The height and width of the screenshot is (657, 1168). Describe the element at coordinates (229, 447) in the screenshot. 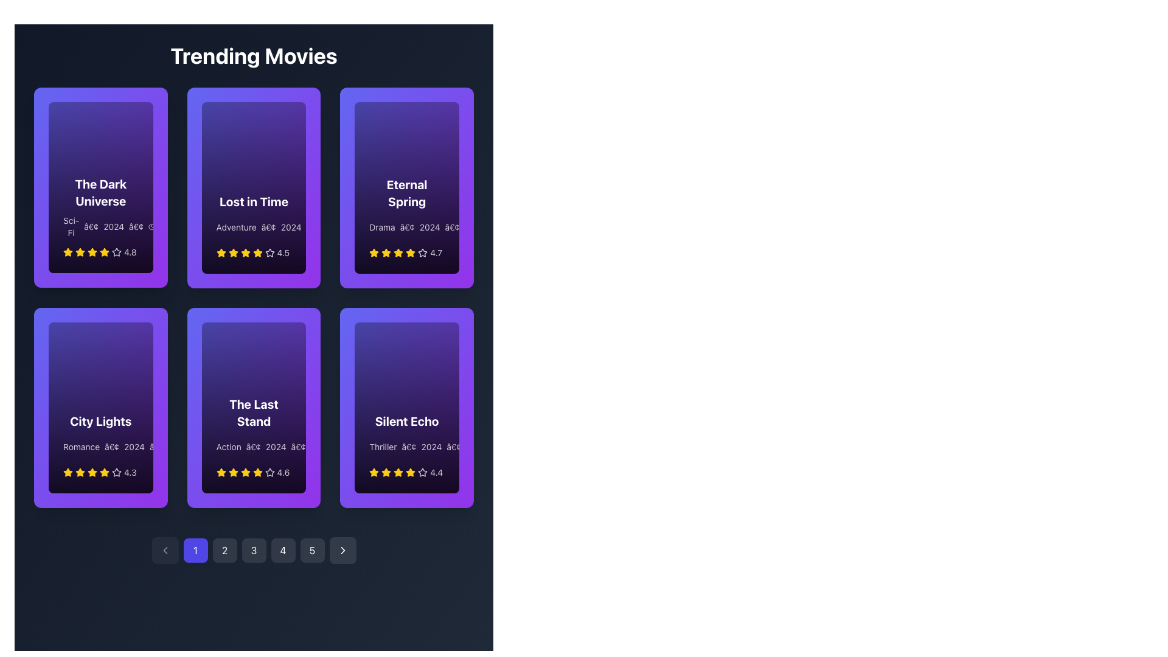

I see `text label displaying 'Action', which is the first label in the horizontal sequence, positioned above the star rating icons for 'The Last Stand'` at that location.